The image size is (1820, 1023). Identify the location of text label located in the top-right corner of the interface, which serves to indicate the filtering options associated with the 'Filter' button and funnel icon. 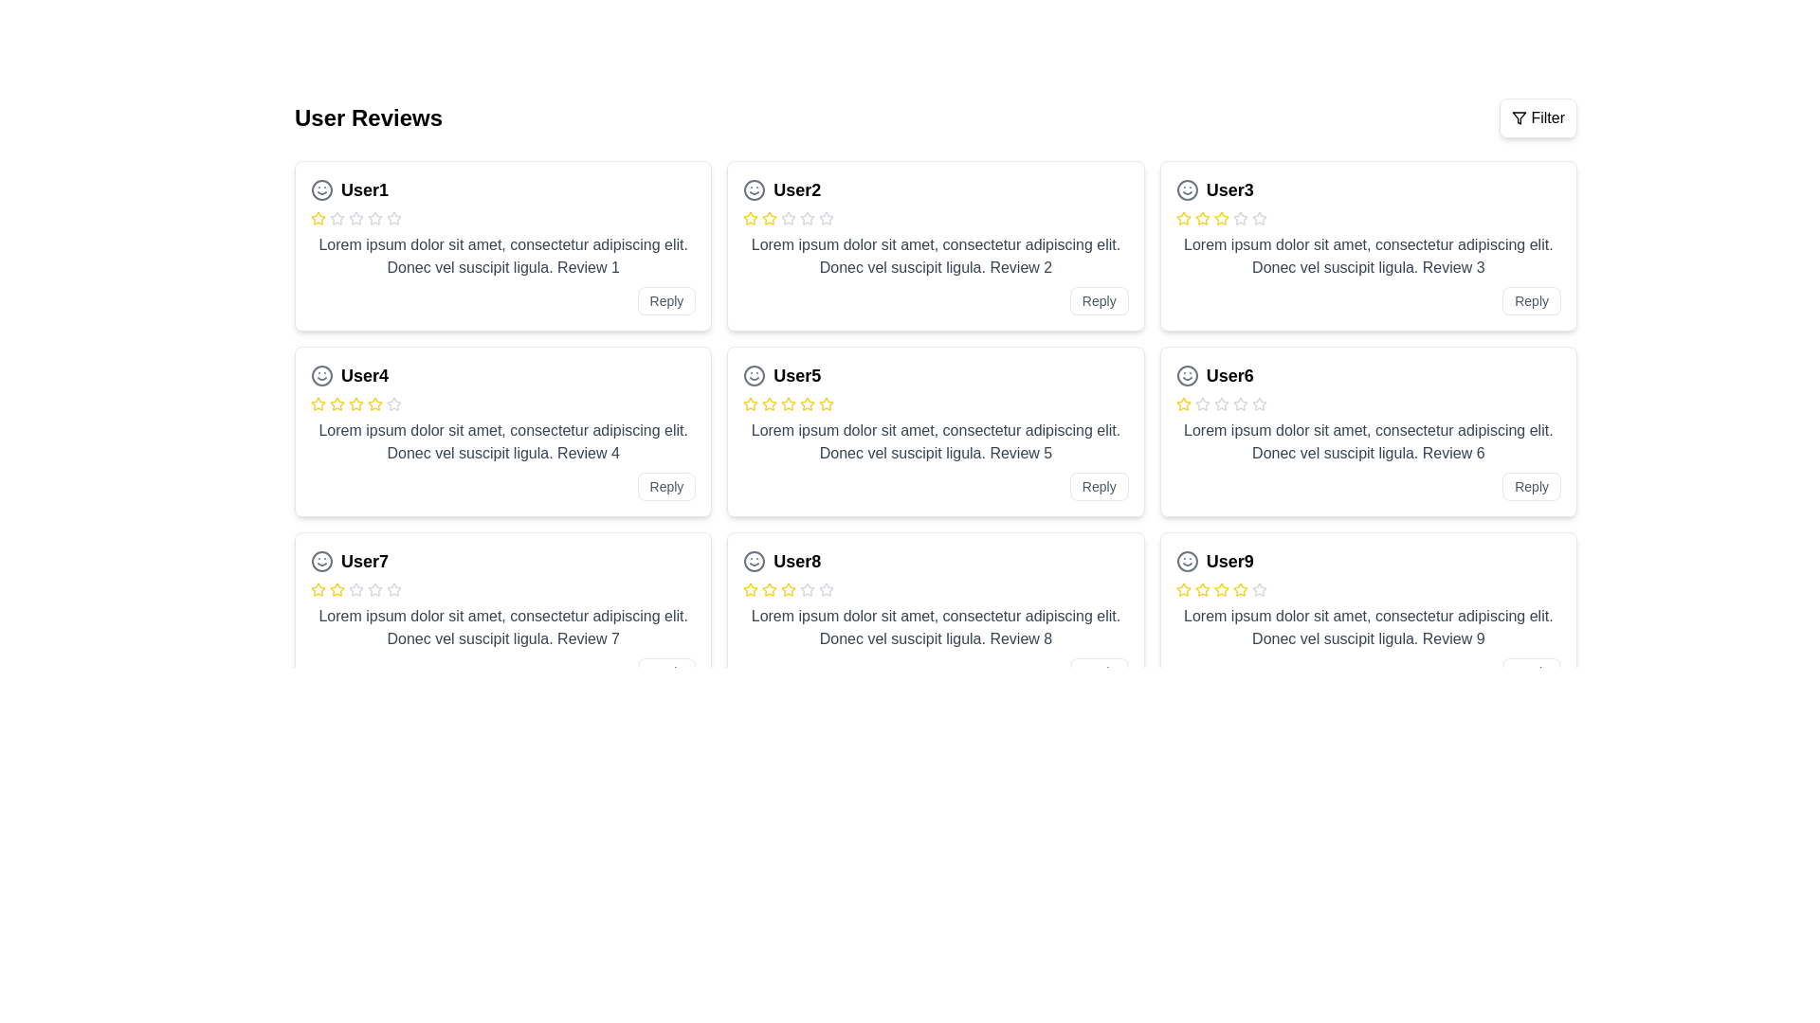
(1548, 117).